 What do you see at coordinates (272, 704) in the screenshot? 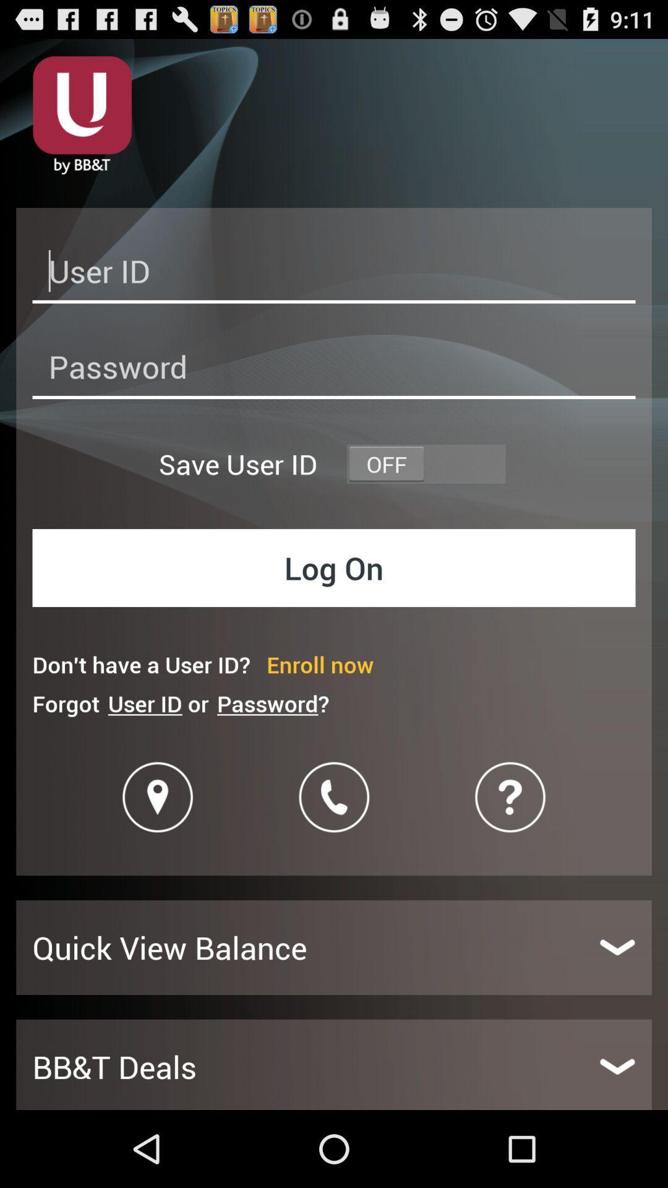
I see `the icon next to user id or icon` at bounding box center [272, 704].